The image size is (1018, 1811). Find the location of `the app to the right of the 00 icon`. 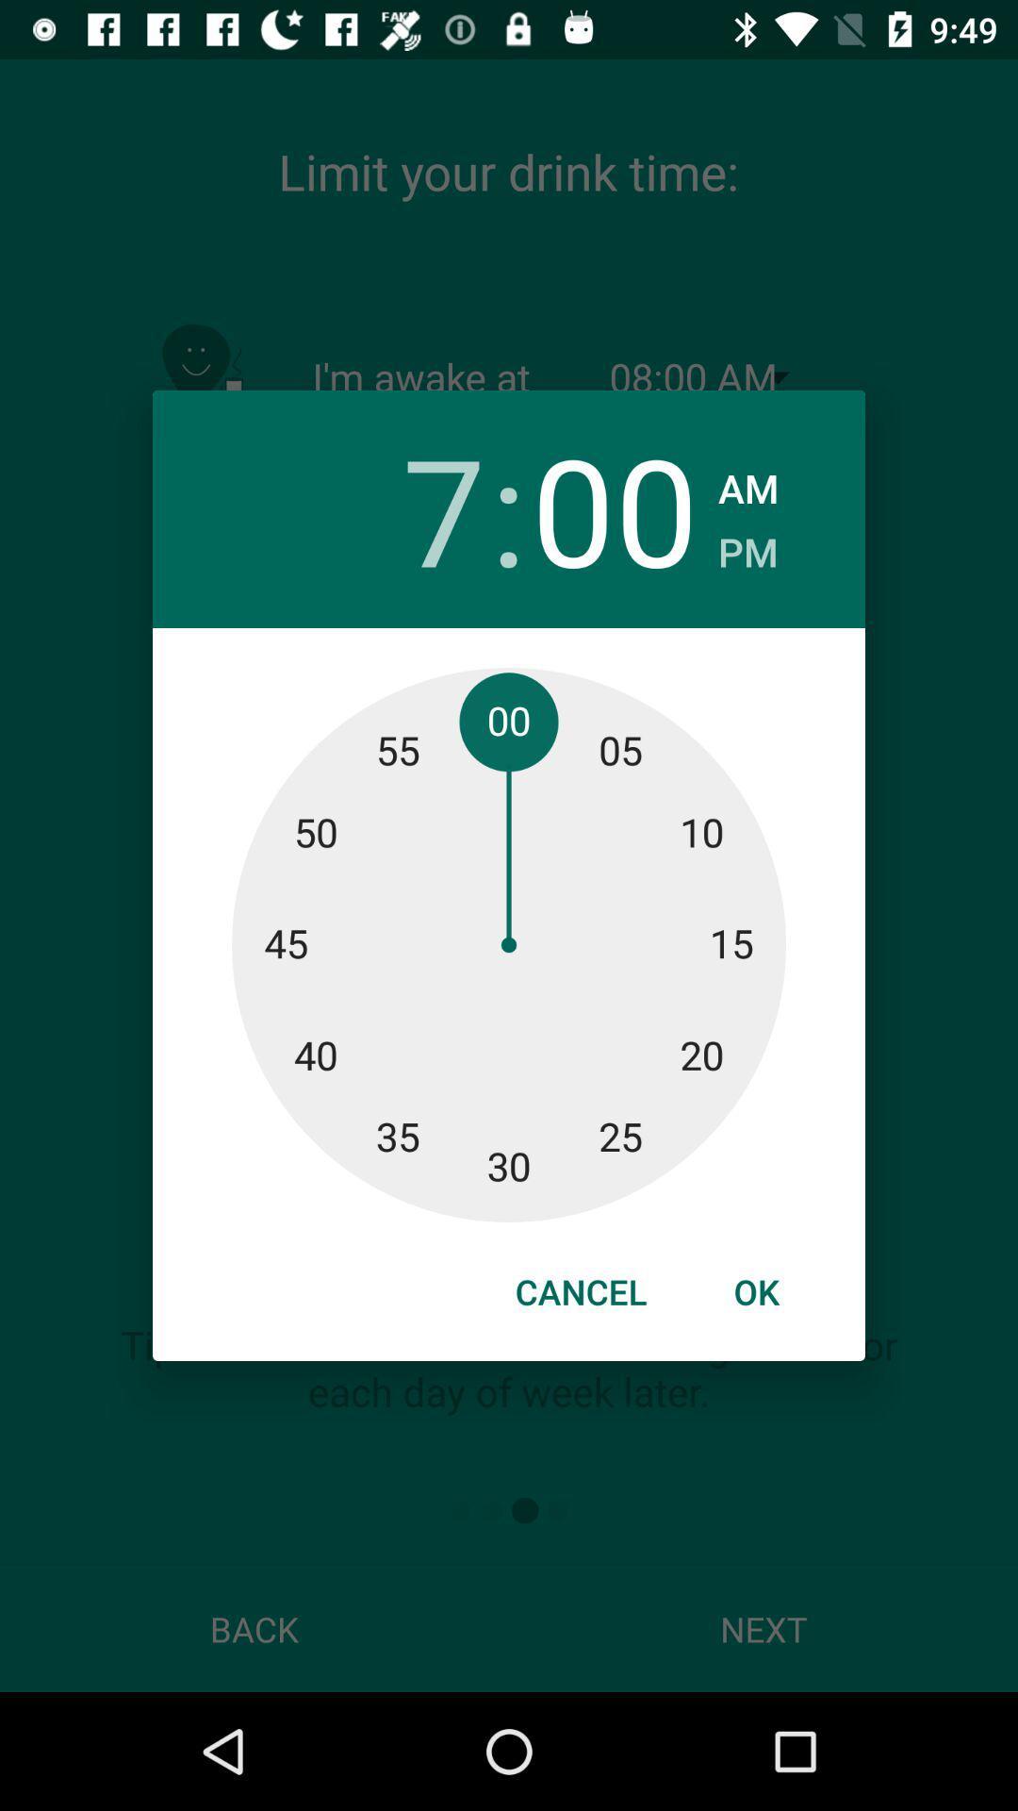

the app to the right of the 00 icon is located at coordinates (747, 483).